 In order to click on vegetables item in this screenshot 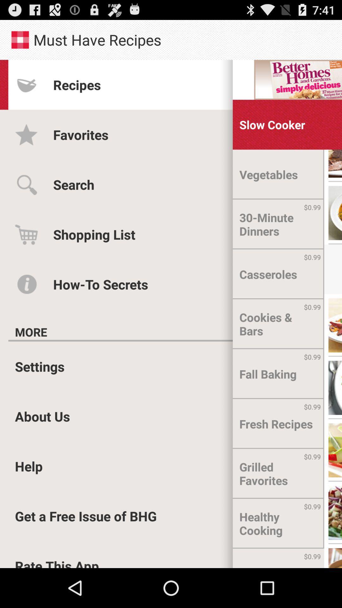, I will do `click(269, 174)`.